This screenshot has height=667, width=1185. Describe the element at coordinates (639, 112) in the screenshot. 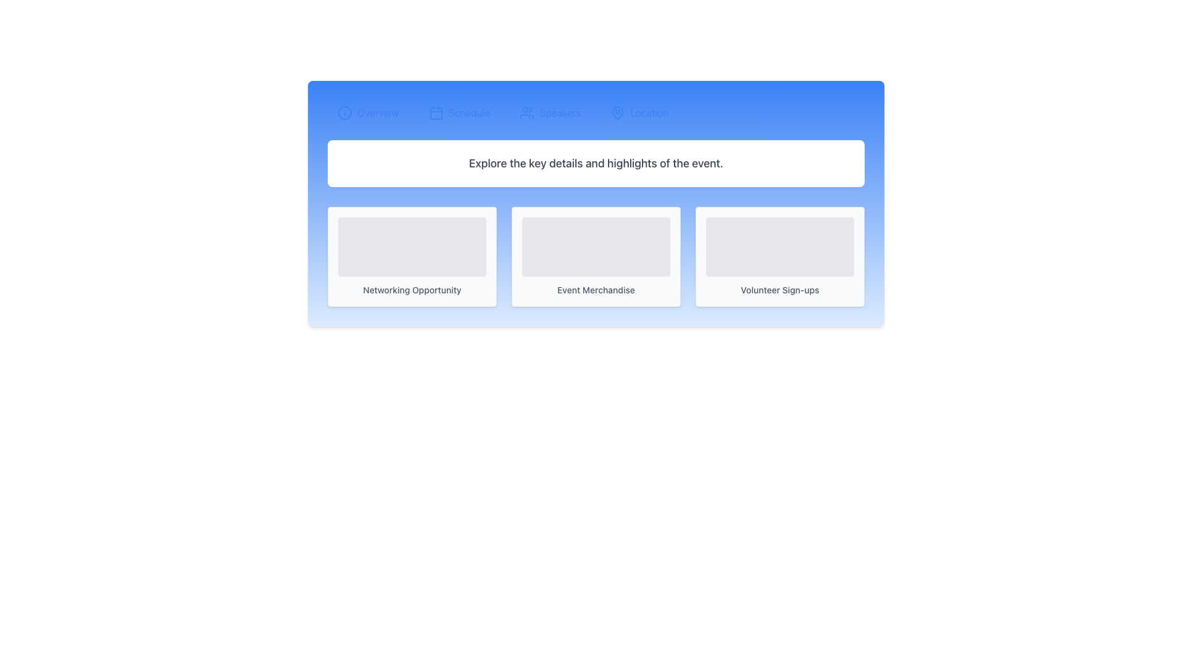

I see `the navigation tab for location or venue, which is the last item in a horizontal navigation bar` at that location.